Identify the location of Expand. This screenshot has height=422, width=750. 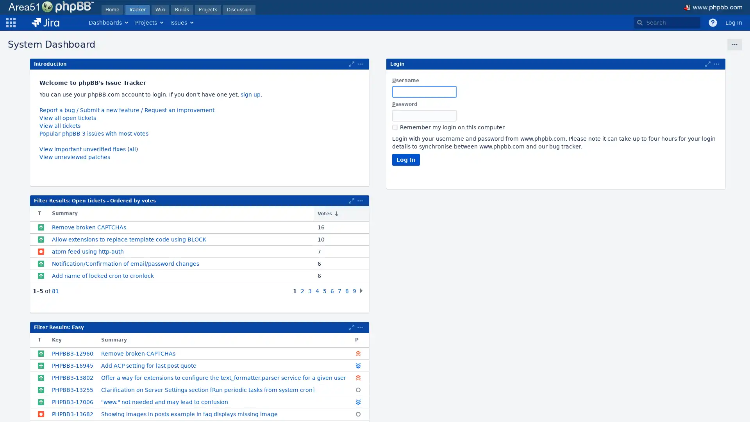
(359, 327).